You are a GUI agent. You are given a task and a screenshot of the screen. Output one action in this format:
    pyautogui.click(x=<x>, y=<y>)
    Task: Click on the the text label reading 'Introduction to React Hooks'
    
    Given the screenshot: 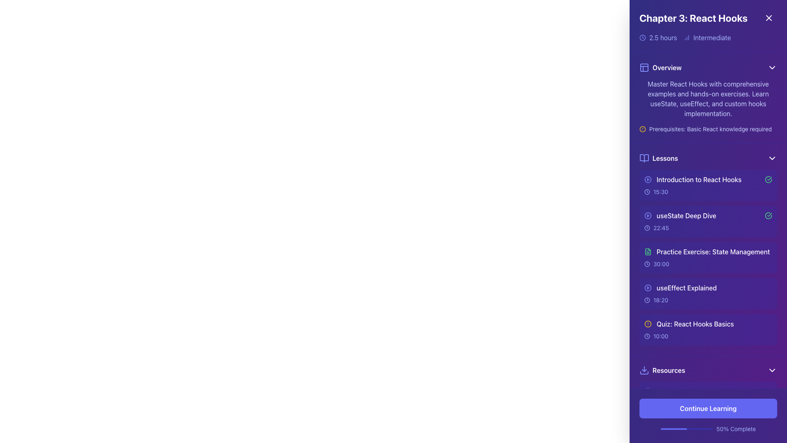 What is the action you would take?
    pyautogui.click(x=698, y=179)
    